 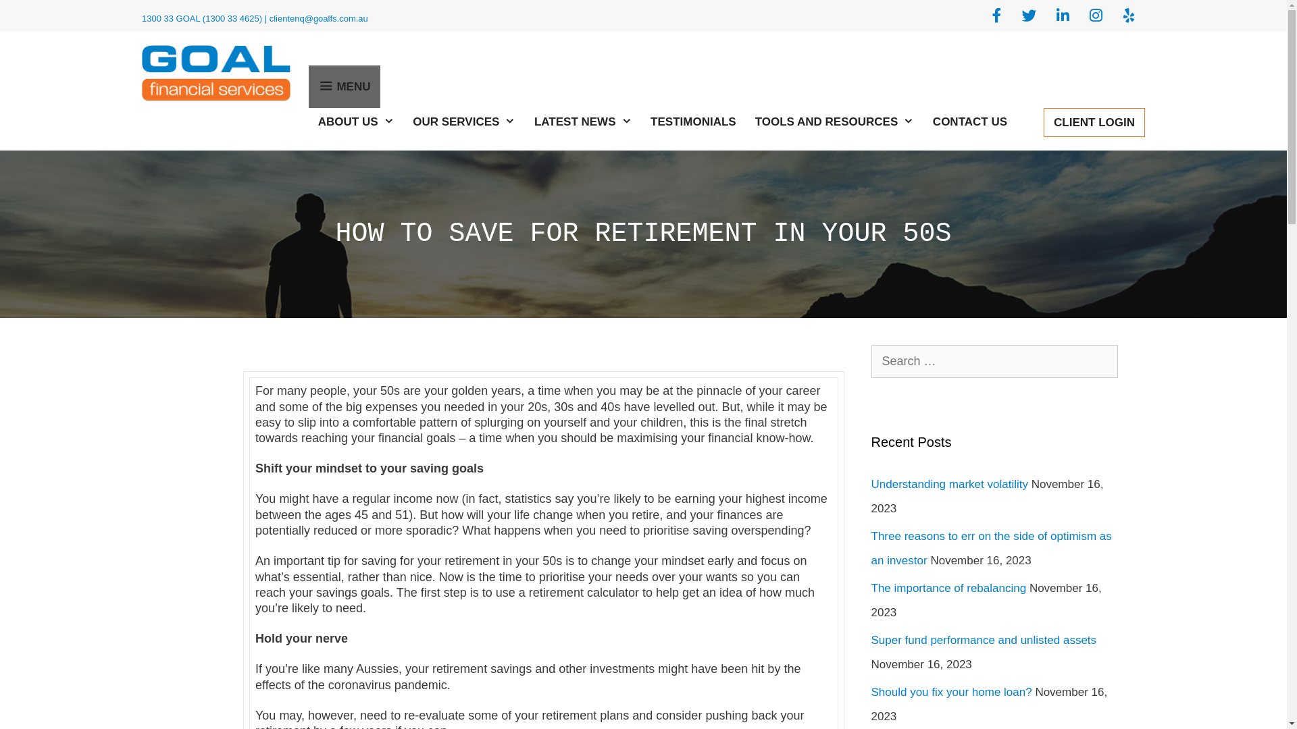 What do you see at coordinates (949, 483) in the screenshot?
I see `'Understanding market volatility'` at bounding box center [949, 483].